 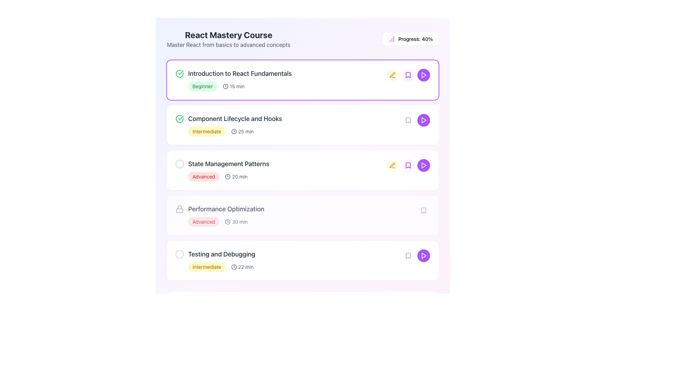 What do you see at coordinates (303, 215) in the screenshot?
I see `the Card component representing the course module titled 'Performance Optimization', which is the fourth item in the list of course modules` at bounding box center [303, 215].